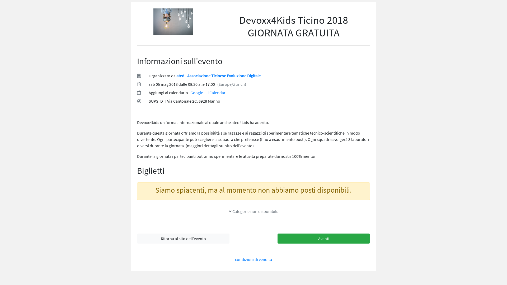 This screenshot has height=285, width=507. What do you see at coordinates (196, 92) in the screenshot?
I see `'Google'` at bounding box center [196, 92].